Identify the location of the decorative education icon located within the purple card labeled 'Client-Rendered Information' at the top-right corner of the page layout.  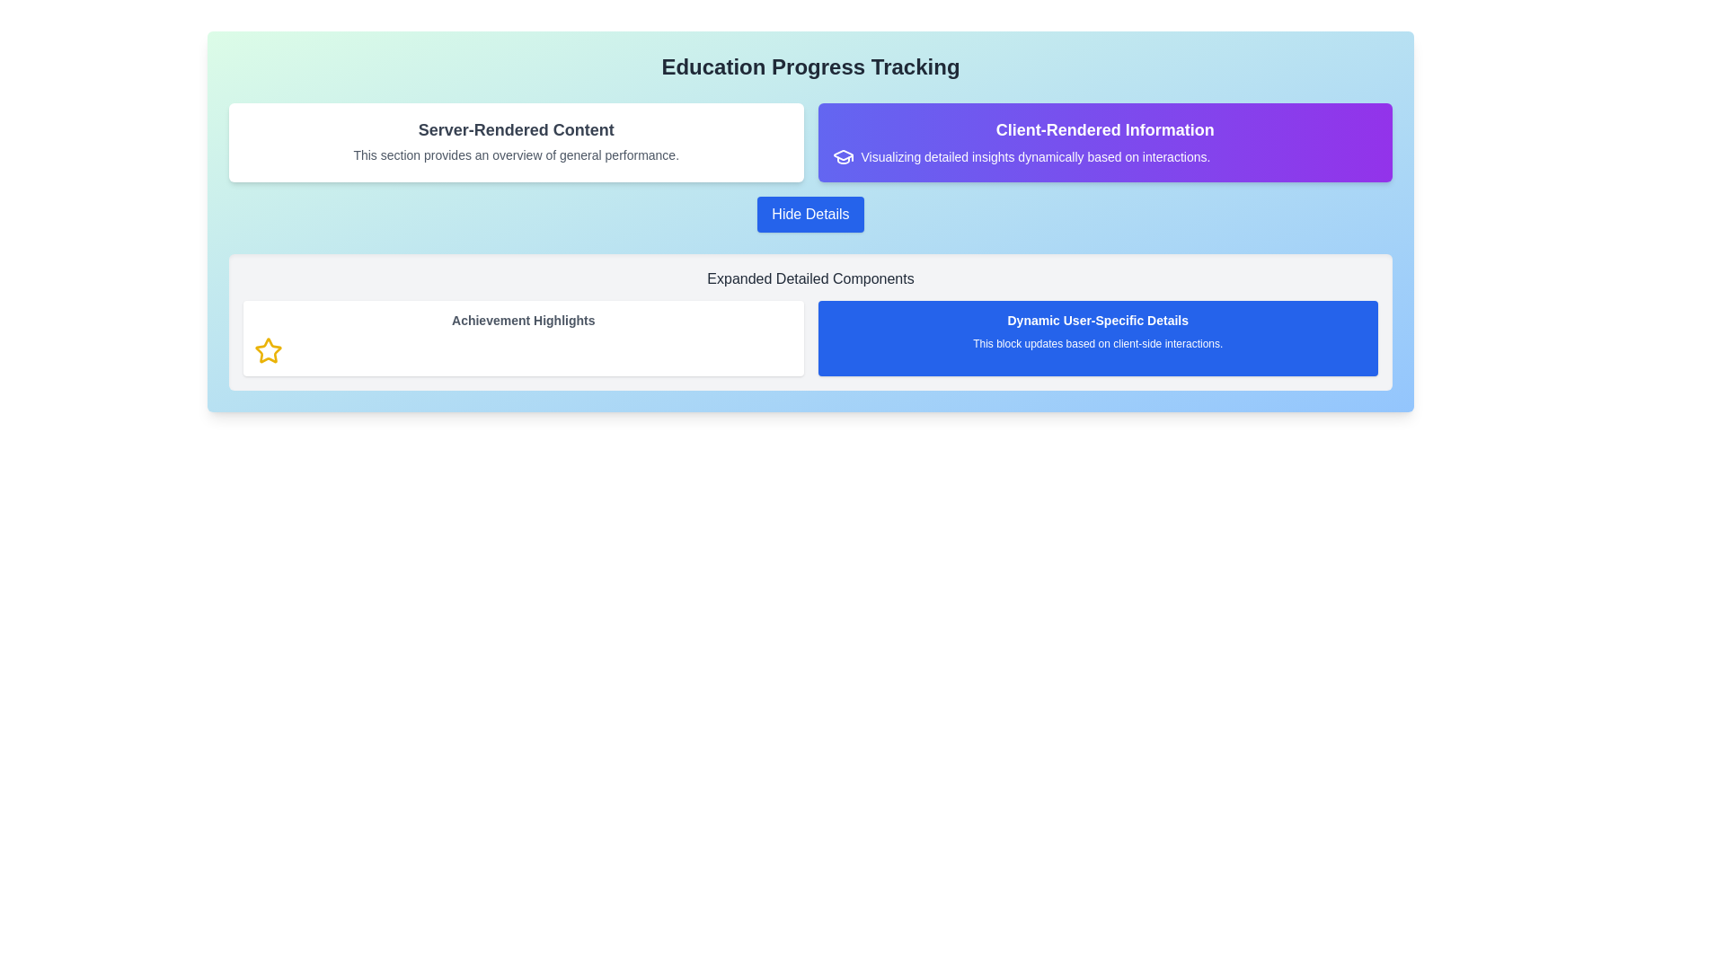
(842, 155).